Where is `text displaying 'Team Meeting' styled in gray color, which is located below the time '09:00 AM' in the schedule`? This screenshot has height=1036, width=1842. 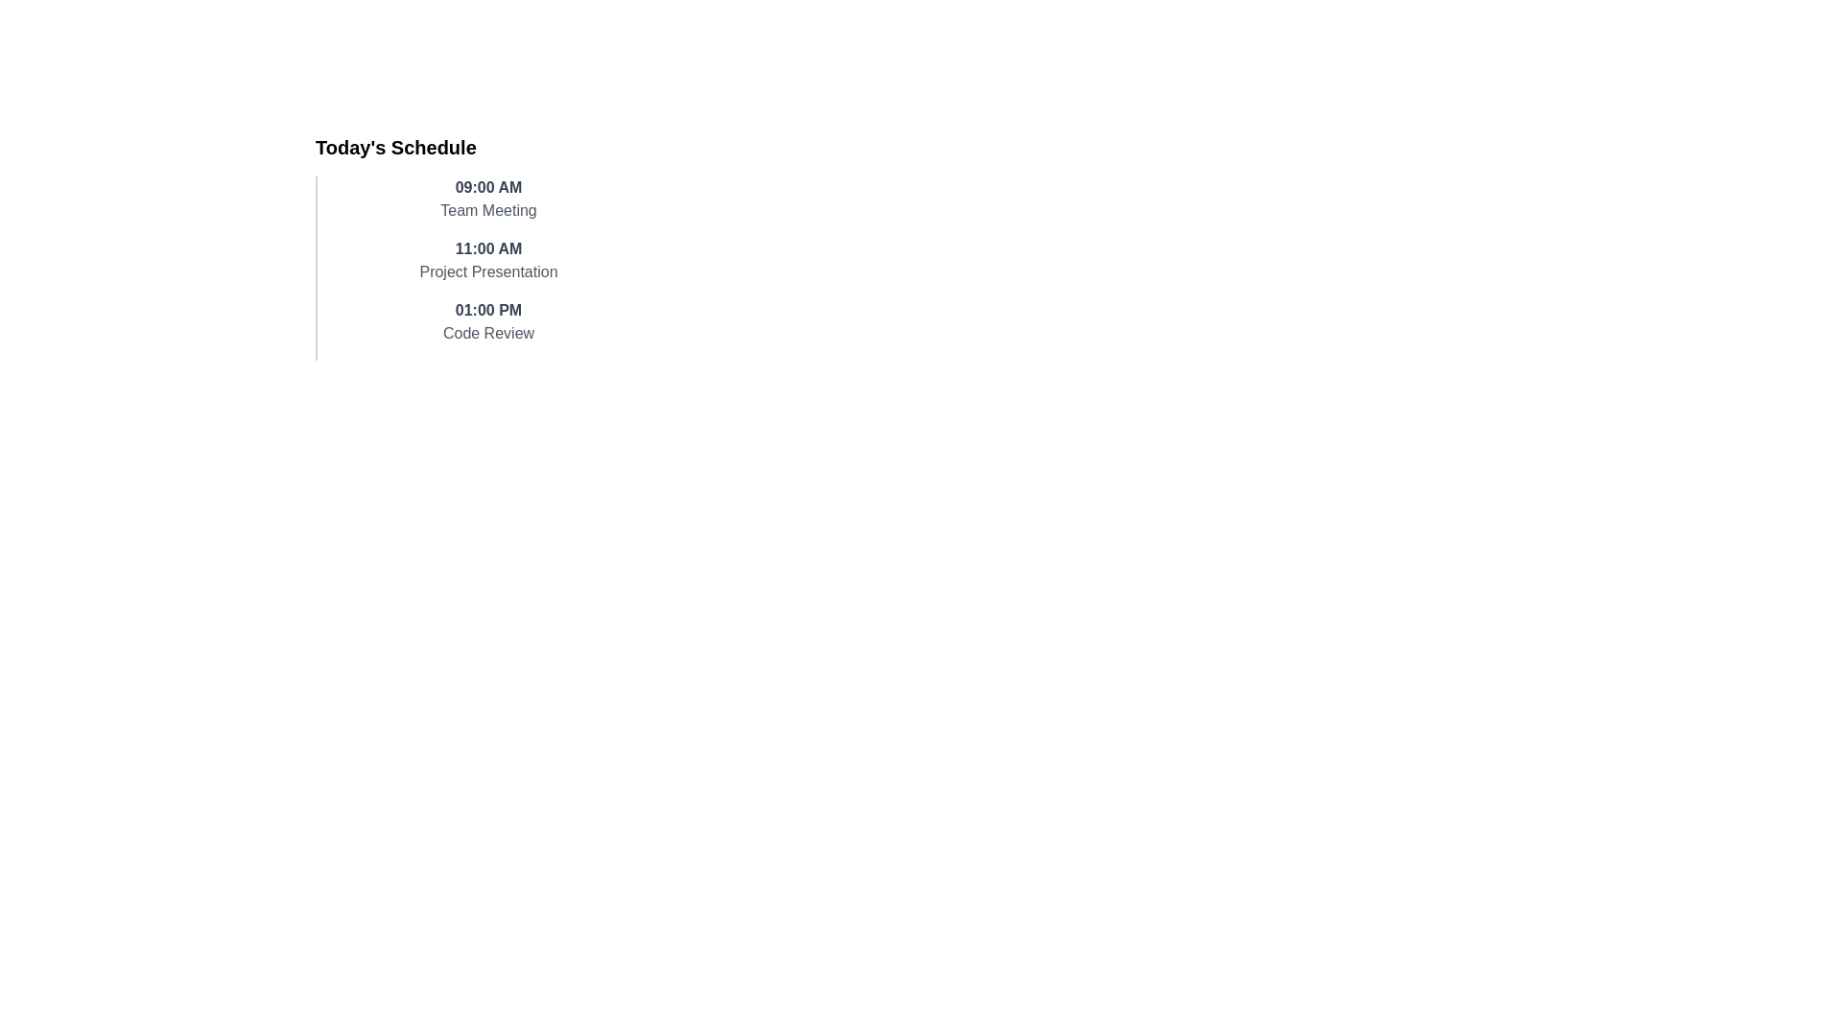 text displaying 'Team Meeting' styled in gray color, which is located below the time '09:00 AM' in the schedule is located at coordinates (488, 210).